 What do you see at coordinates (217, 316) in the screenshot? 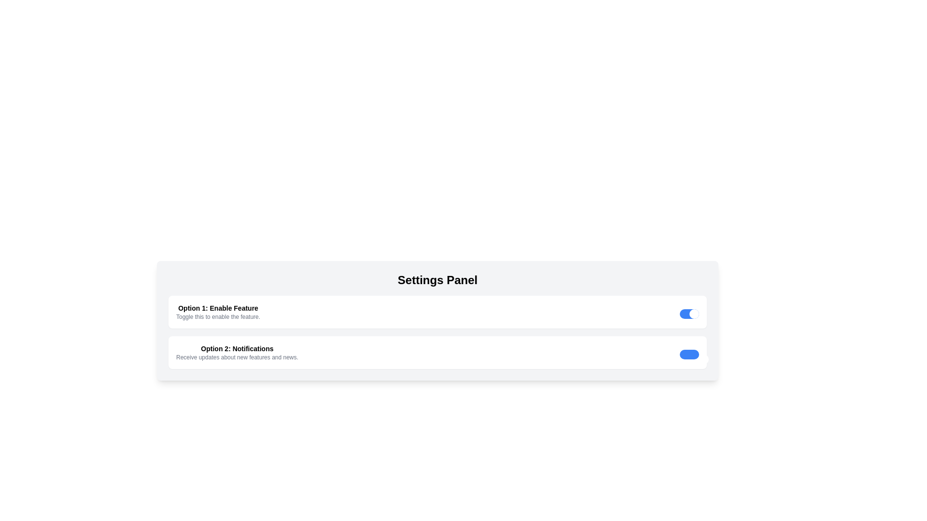
I see `the Text Label that provides additional information about the 'Option 1: Enable Feature' toggle, which is centrally aligned beneath its header` at bounding box center [217, 316].